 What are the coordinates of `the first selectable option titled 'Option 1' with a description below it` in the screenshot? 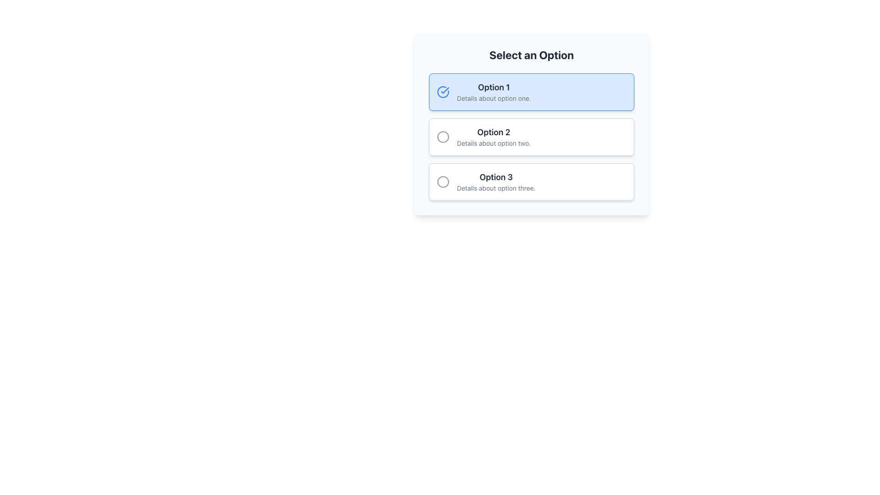 It's located at (493, 92).